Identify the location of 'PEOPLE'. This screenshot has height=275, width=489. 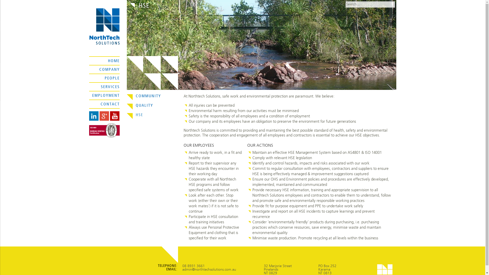
(112, 78).